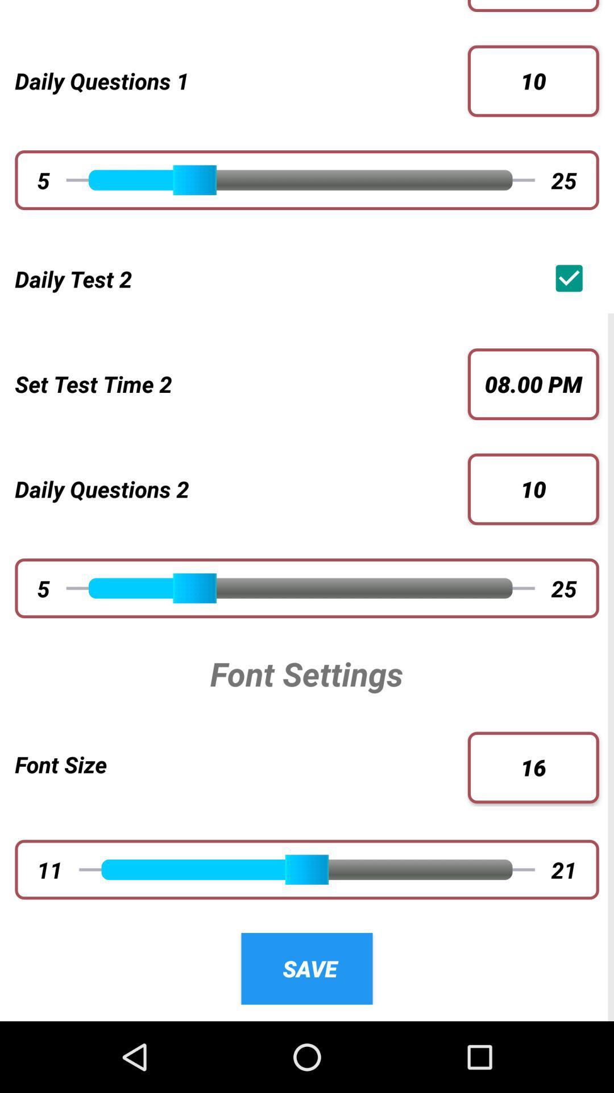 The image size is (614, 1093). What do you see at coordinates (572, 278) in the screenshot?
I see `the icon to the right of the daily test 2` at bounding box center [572, 278].